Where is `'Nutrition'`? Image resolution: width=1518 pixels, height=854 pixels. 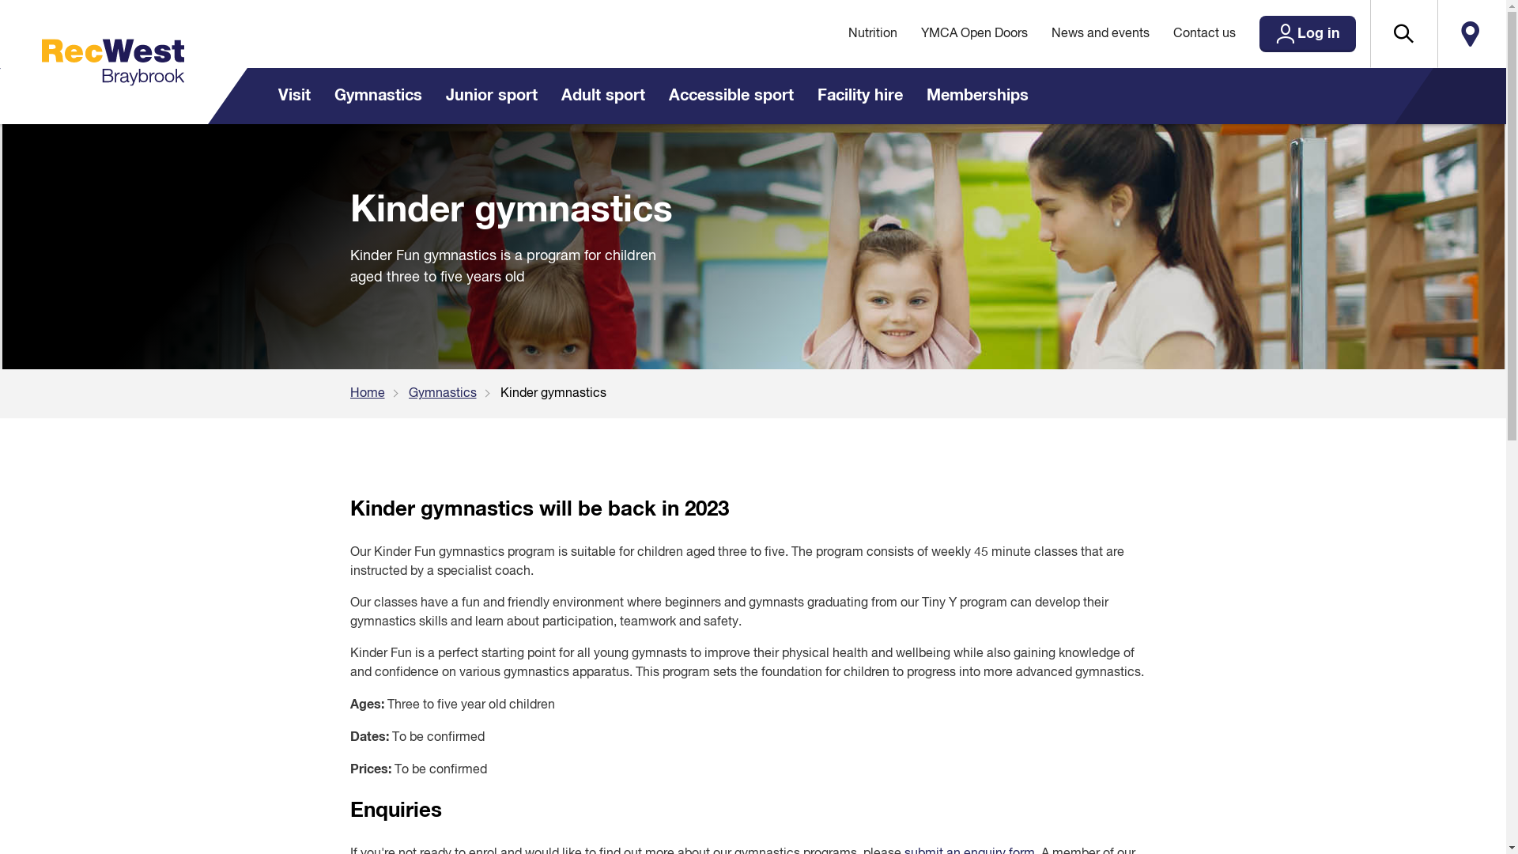 'Nutrition' is located at coordinates (835, 33).